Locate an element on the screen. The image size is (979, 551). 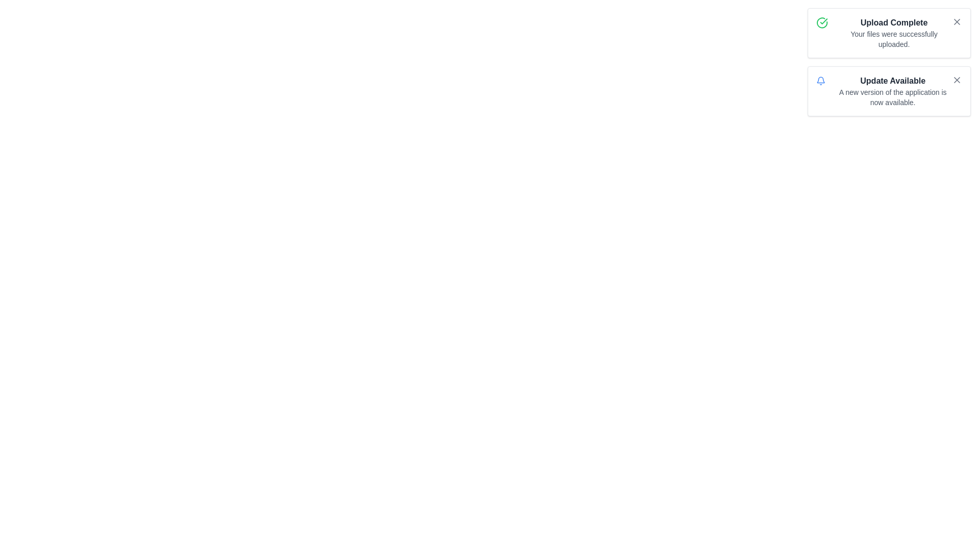
message displayed in the text label that shows 'A new version of the application is now available.' is located at coordinates (892, 97).